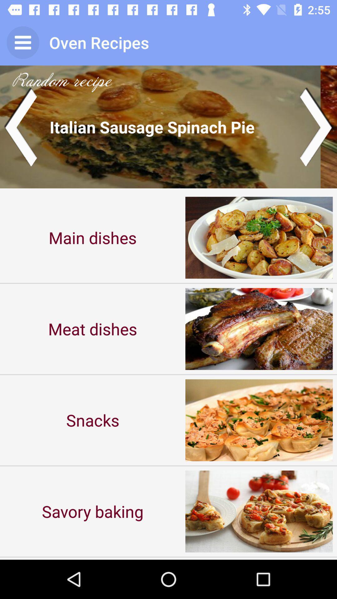 This screenshot has width=337, height=599. Describe the element at coordinates (22, 42) in the screenshot. I see `the item next to oven recipes item` at that location.